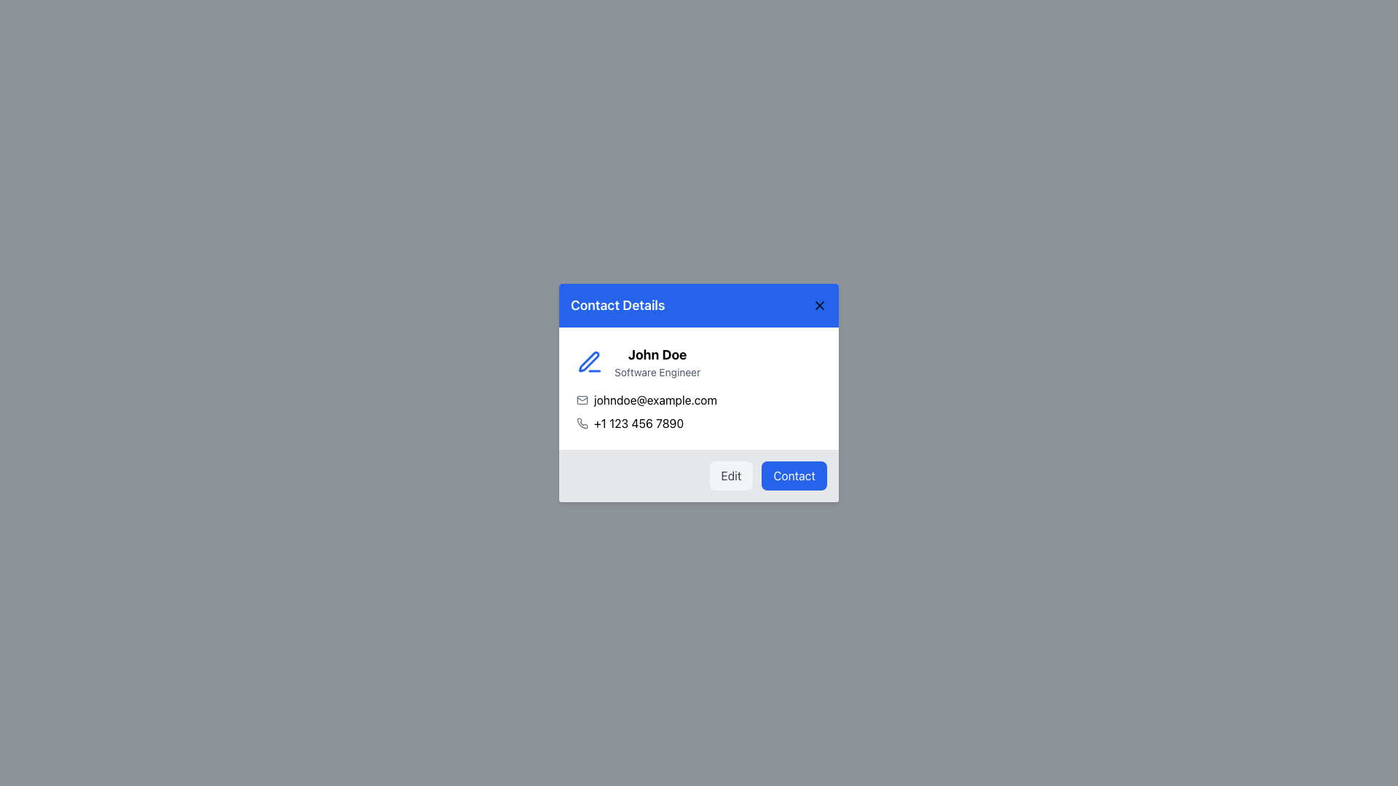 The height and width of the screenshot is (786, 1398). I want to click on the contact action button located in the bottom-right corner of the 'Contact Details' modal to change its style, so click(794, 476).